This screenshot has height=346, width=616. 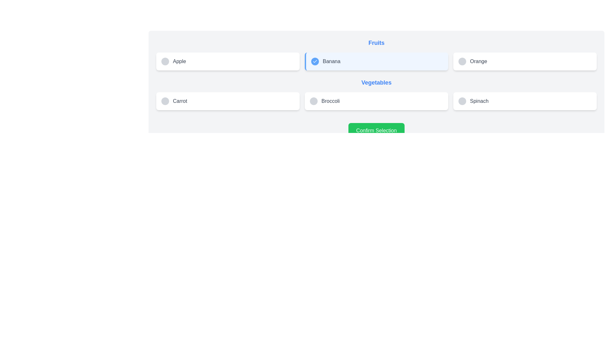 I want to click on the third selectable item card labeled 'Spinach' in the Vegetables category, so click(x=525, y=101).